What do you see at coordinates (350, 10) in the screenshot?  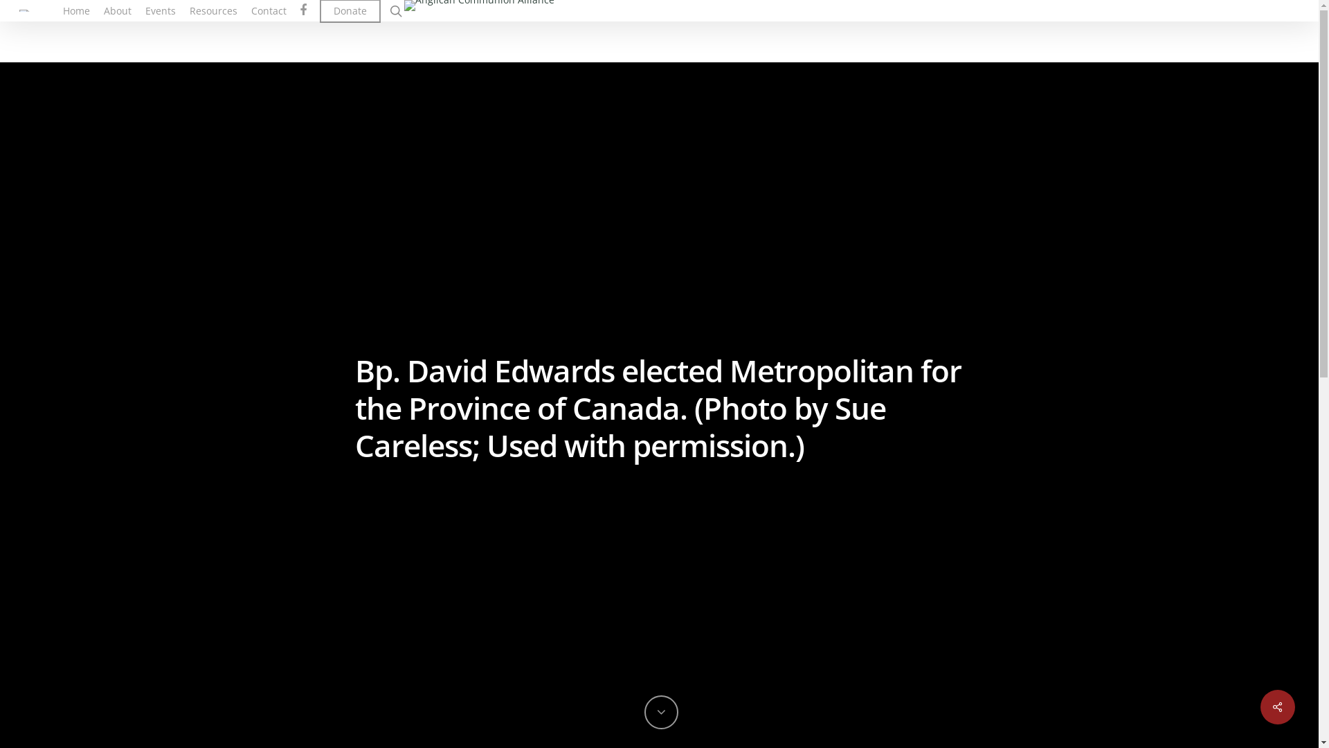 I see `'Donate'` at bounding box center [350, 10].